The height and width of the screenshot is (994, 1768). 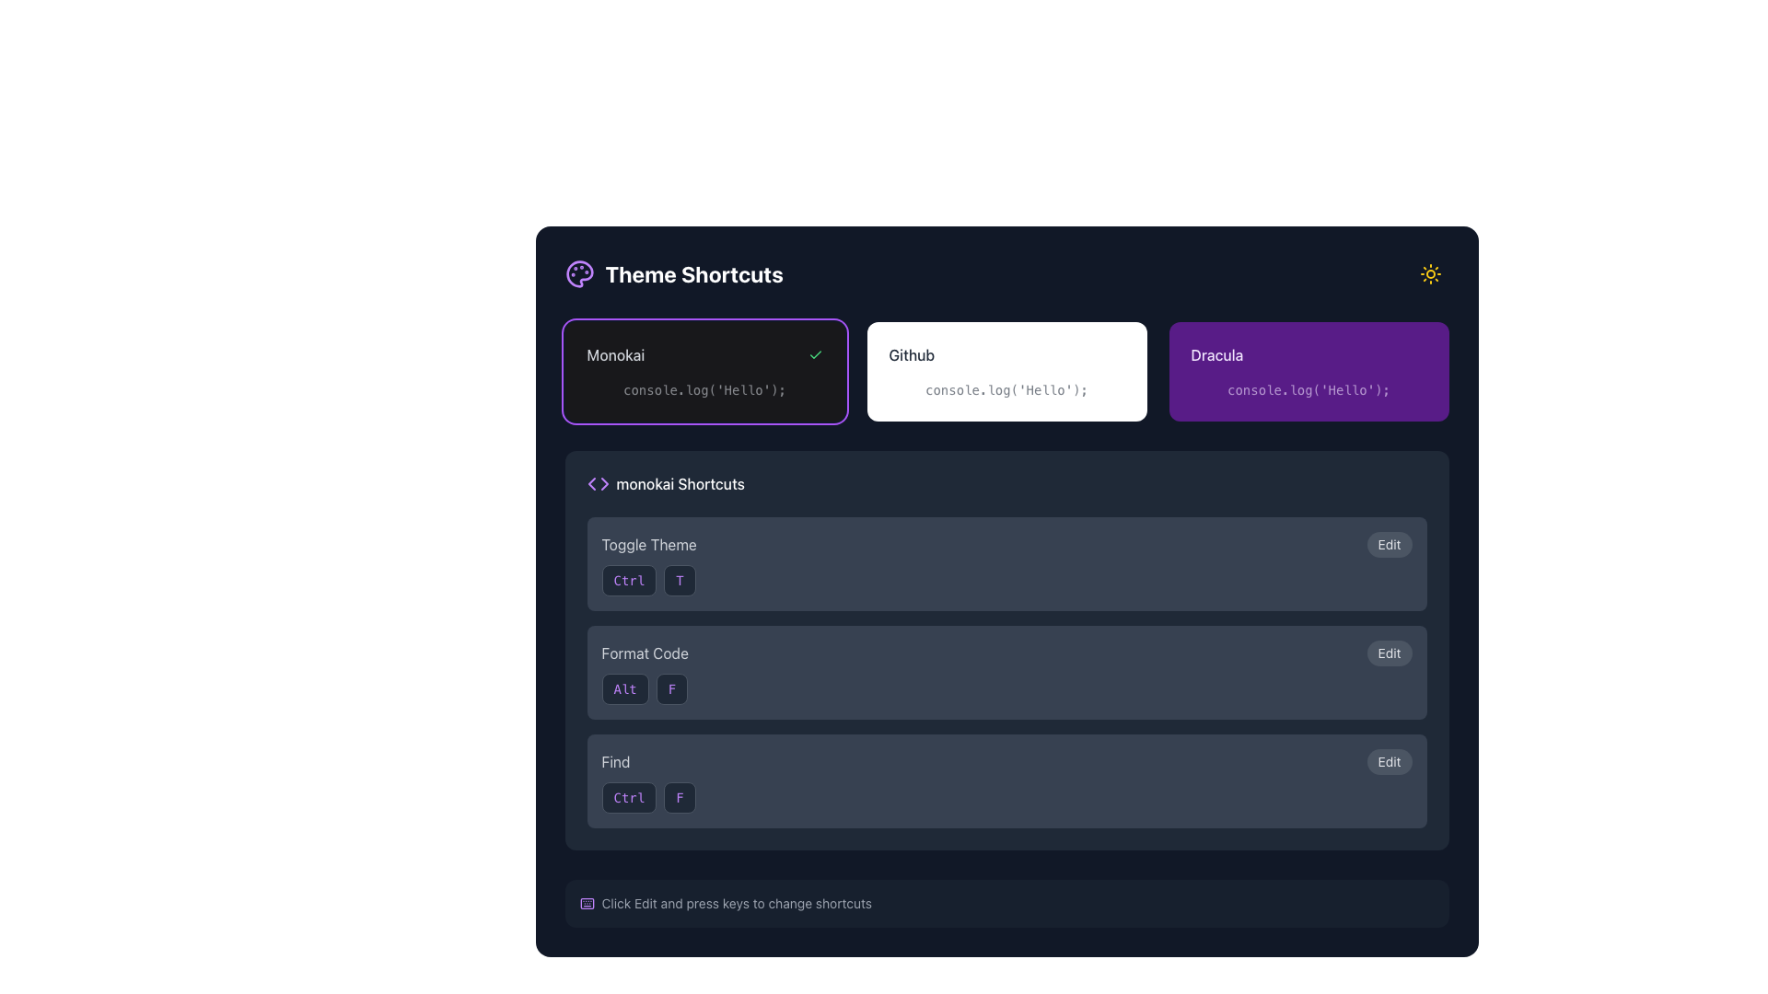 I want to click on the informational banner located at the bottom of the 'Theme Shortcuts' section, which provides guidance on modifying keyboard shortcuts, so click(x=1006, y=903).